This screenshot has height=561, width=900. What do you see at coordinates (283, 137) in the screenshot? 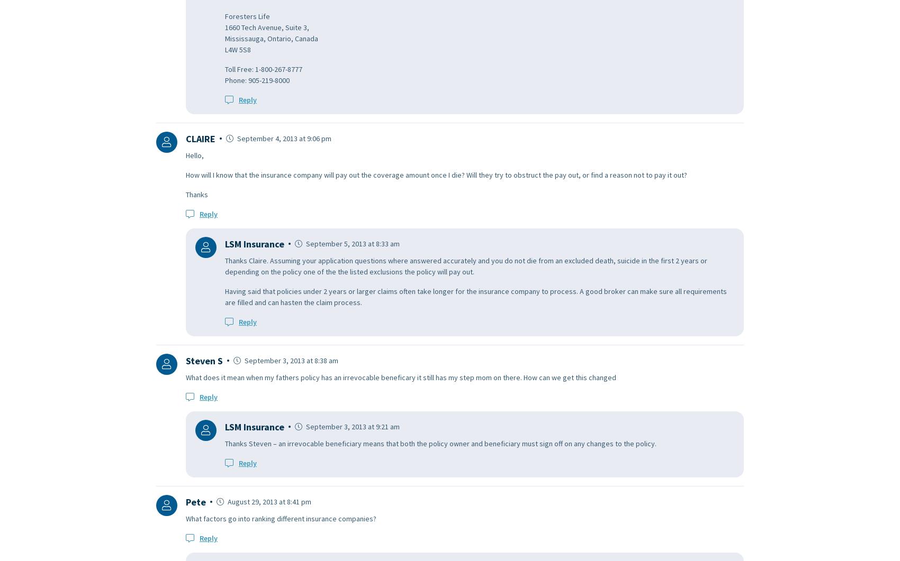
I see `'September 4, 2013 at 9:06 pm'` at bounding box center [283, 137].